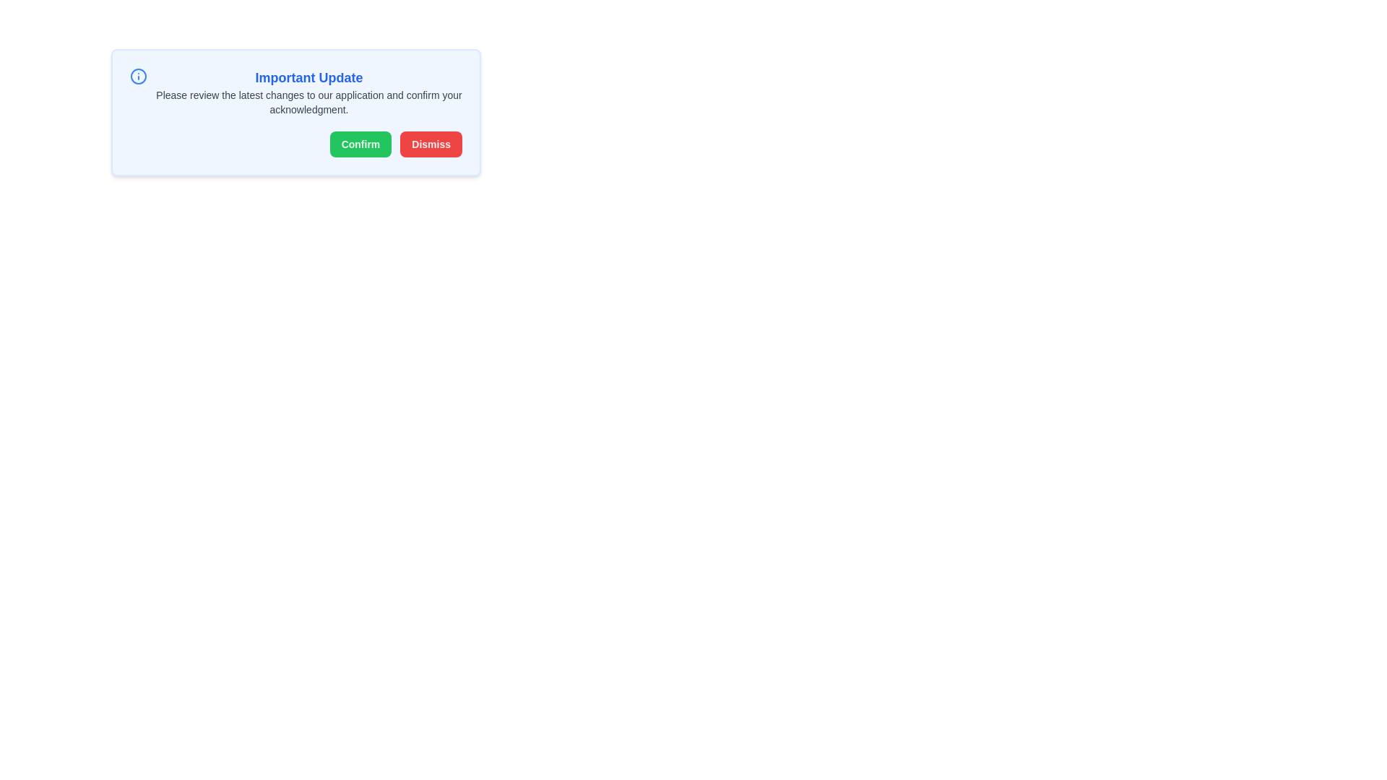 This screenshot has height=780, width=1387. I want to click on the text block displaying the message: 'Please review the latest changes to our application and confirm your acknowledgment.', so click(308, 102).